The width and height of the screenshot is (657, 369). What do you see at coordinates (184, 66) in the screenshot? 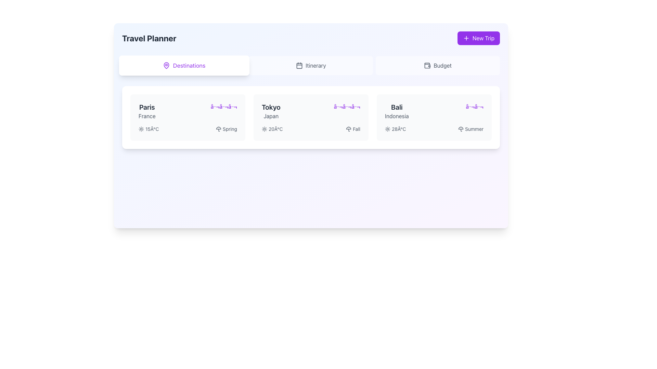
I see `the 'Destinations' button, which is the first button in a row of three navigation buttons located near the top of the interface` at bounding box center [184, 66].